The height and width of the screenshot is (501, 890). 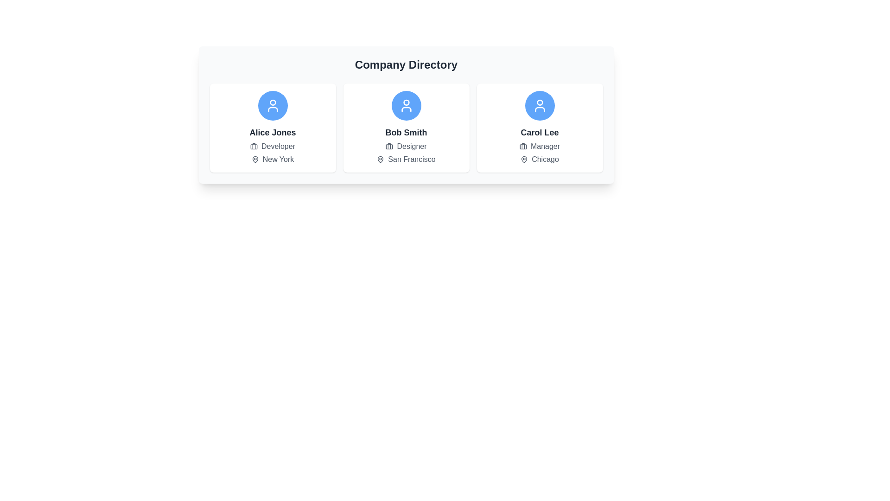 I want to click on properties of the user profile icon, which is a simple figure of a head and shoulders in white against a blue circular background, located at the top-center of Bob Smith's profile card, so click(x=406, y=105).